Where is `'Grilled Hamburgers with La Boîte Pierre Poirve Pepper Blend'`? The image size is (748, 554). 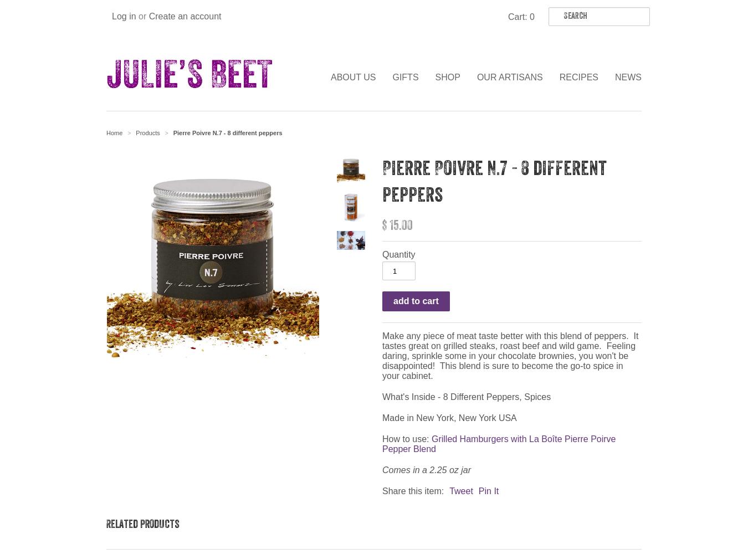 'Grilled Hamburgers with La Boîte Pierre Poirve Pepper Blend' is located at coordinates (381, 444).